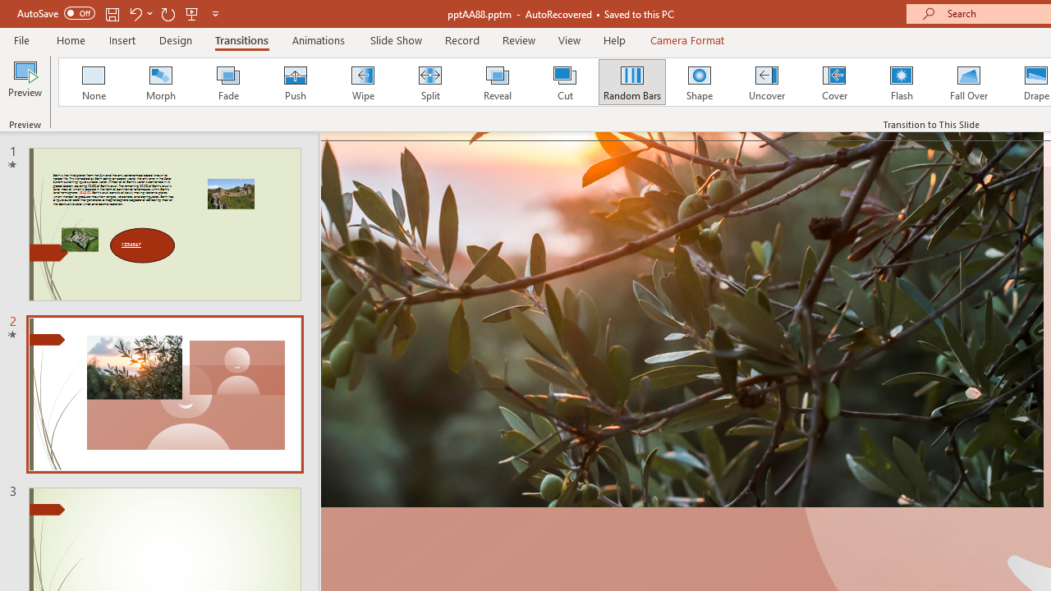 Image resolution: width=1051 pixels, height=591 pixels. What do you see at coordinates (766, 82) in the screenshot?
I see `'Uncover'` at bounding box center [766, 82].